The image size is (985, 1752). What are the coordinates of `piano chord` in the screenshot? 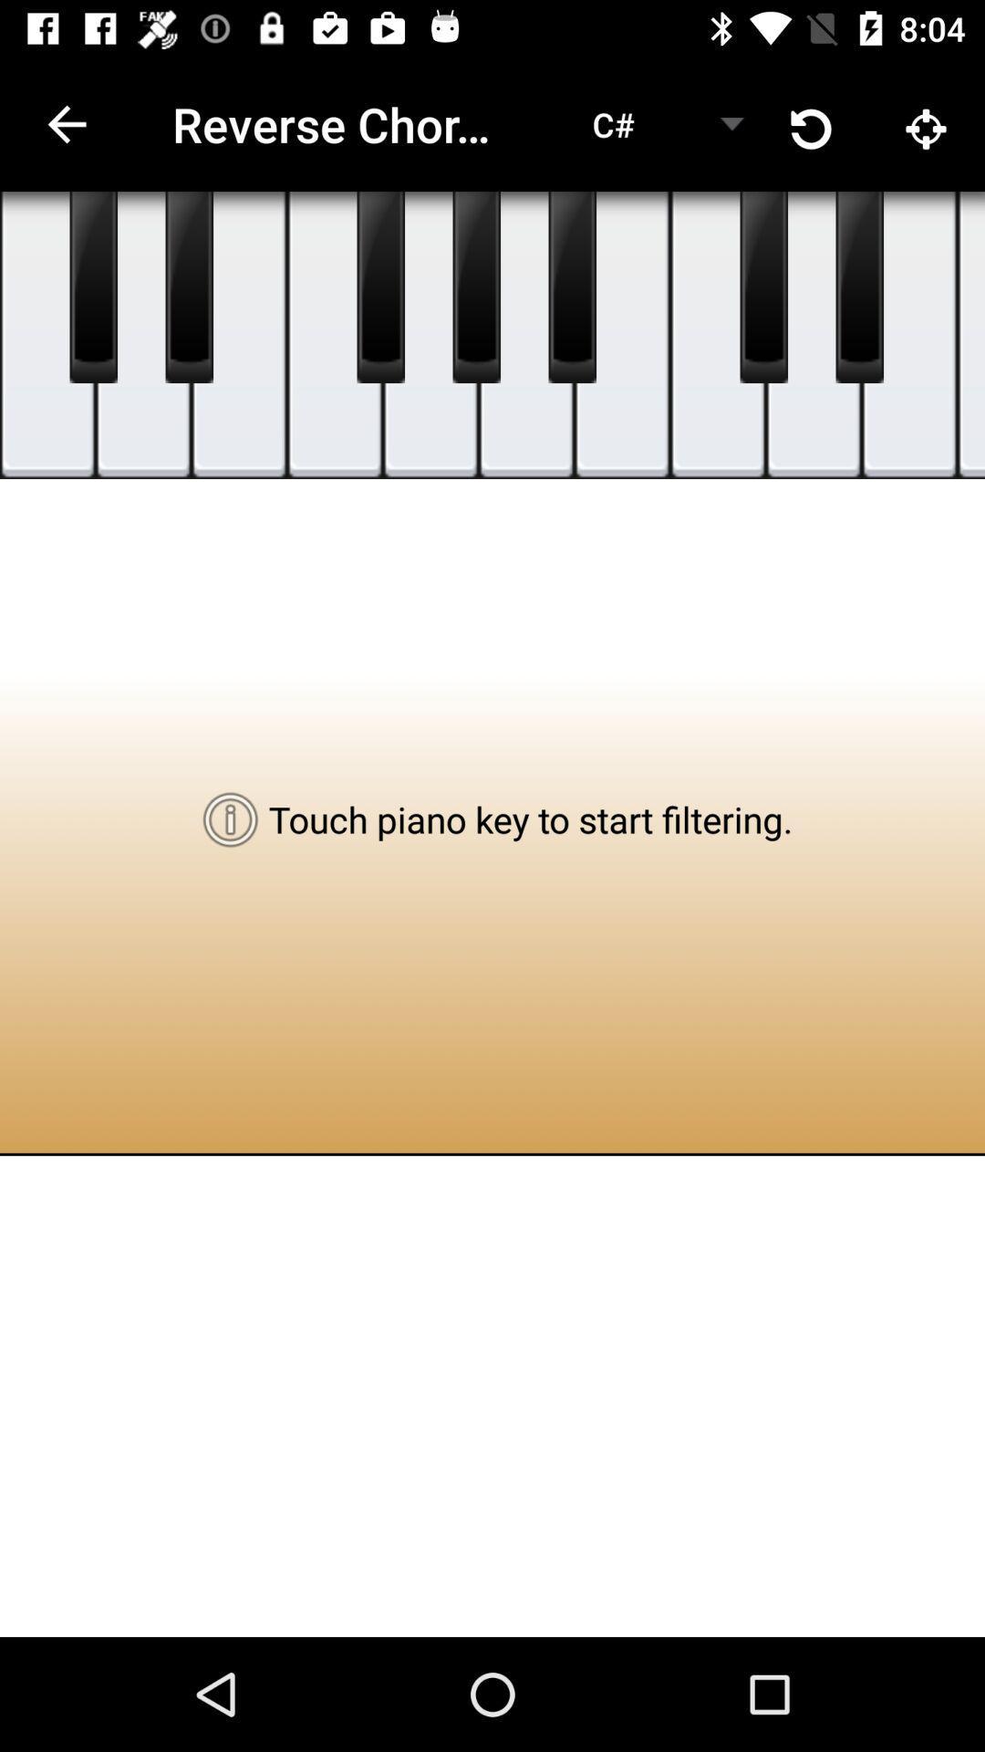 It's located at (142, 335).